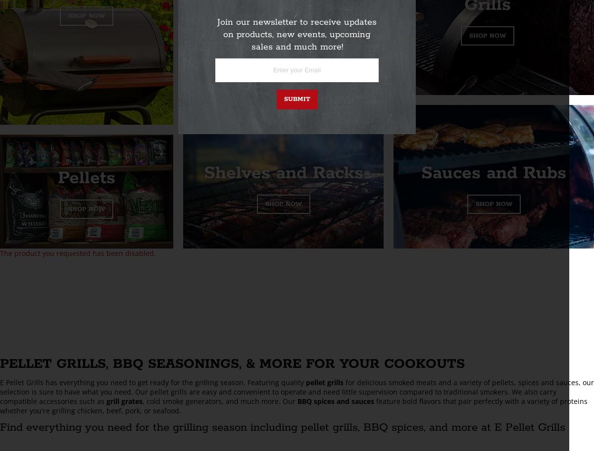 The width and height of the screenshot is (594, 451). What do you see at coordinates (77, 253) in the screenshot?
I see `'The product you requested has been disabled.'` at bounding box center [77, 253].